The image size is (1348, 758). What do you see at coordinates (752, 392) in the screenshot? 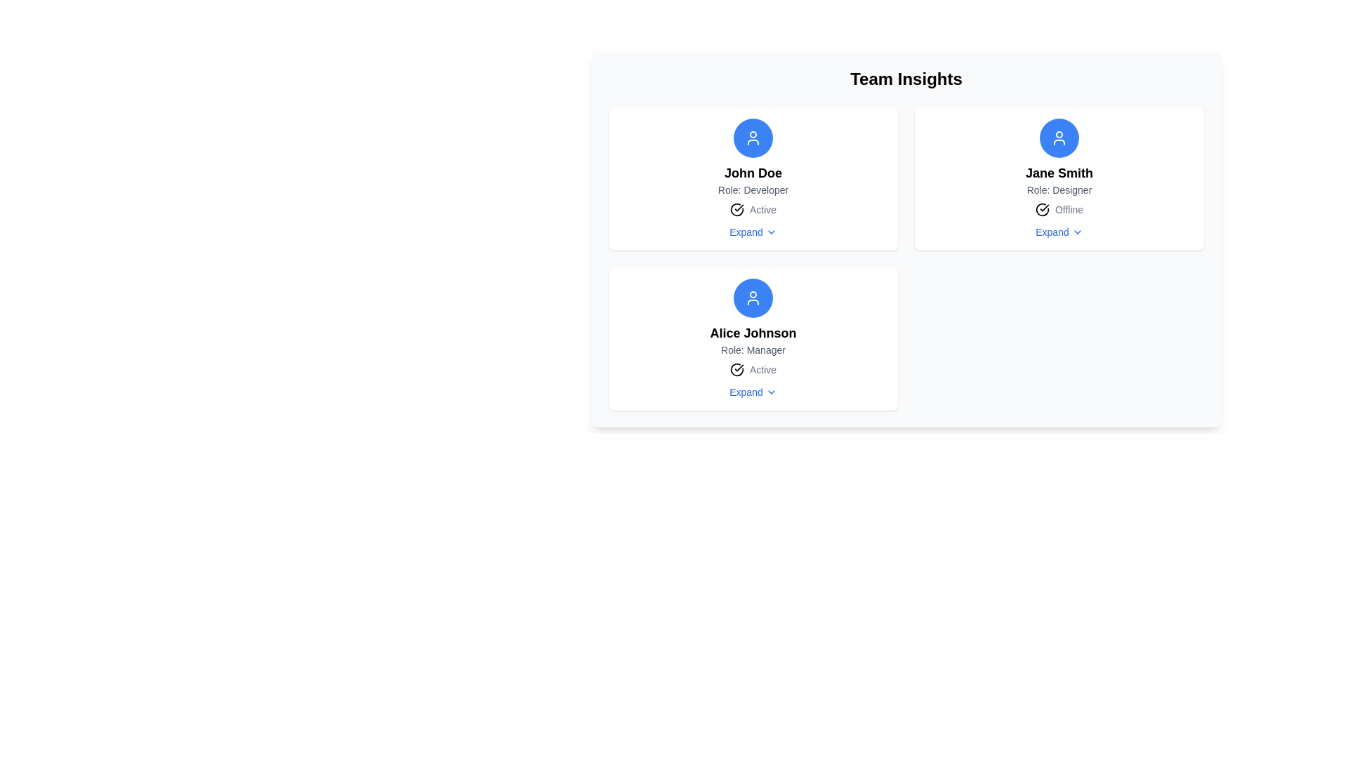
I see `the button at the bottom of the 'Alice Johnson' card` at bounding box center [752, 392].